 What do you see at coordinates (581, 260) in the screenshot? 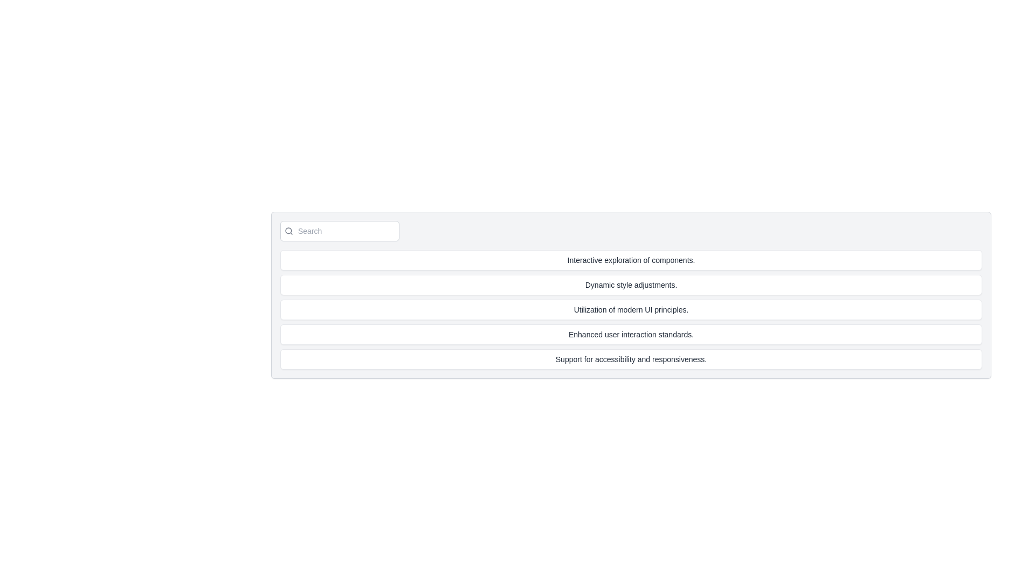
I see `letter 'r' located in the first list item of the textual list, specifically as the eighth letter in the word 'Interactive'` at bounding box center [581, 260].